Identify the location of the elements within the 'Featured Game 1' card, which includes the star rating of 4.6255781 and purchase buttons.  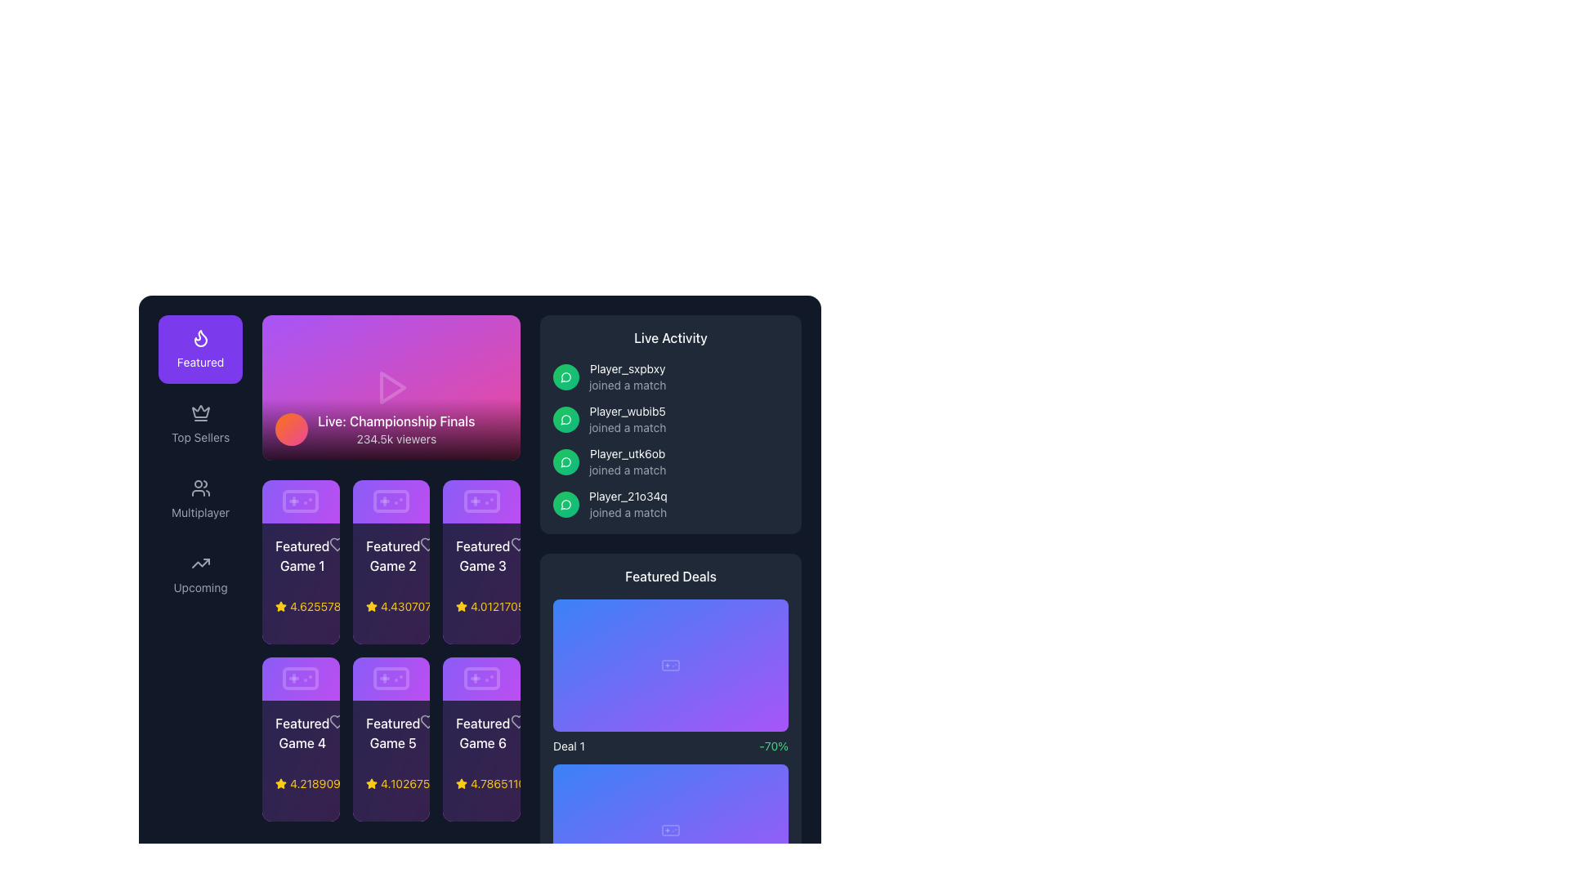
(301, 561).